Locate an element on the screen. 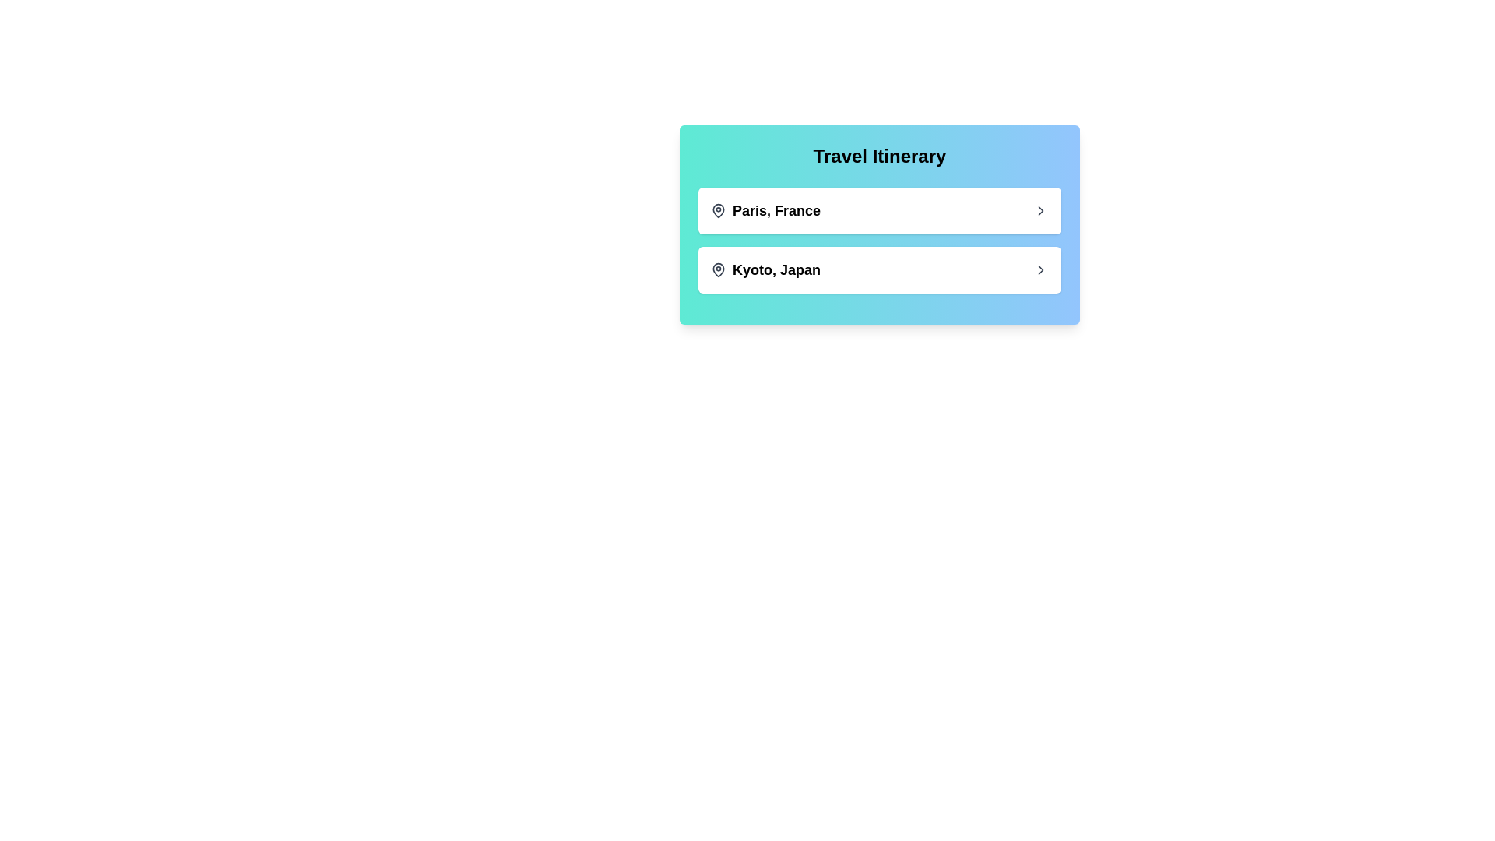 The image size is (1495, 841). the right-facing chevron arrow icon, styled in dark gray, located at the far right side following the text 'Kyoto, Japan', to proceed is located at coordinates (1041, 269).